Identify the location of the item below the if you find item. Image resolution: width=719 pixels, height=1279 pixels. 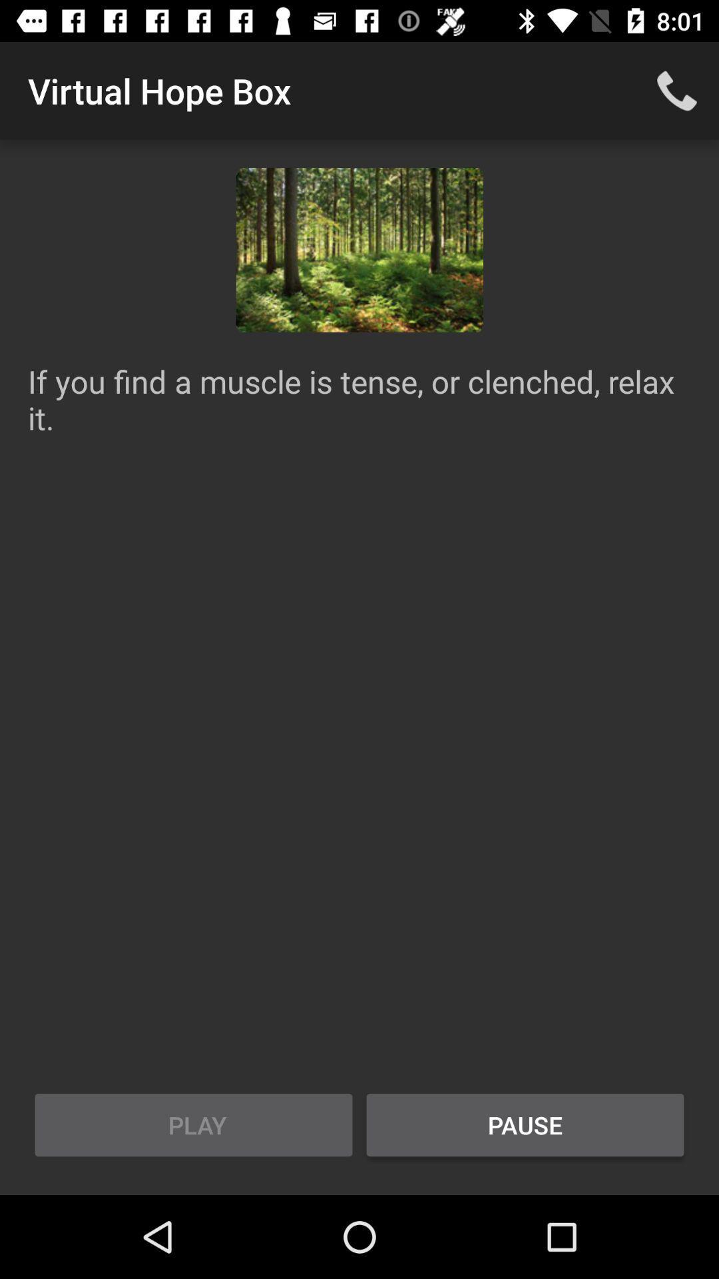
(193, 1124).